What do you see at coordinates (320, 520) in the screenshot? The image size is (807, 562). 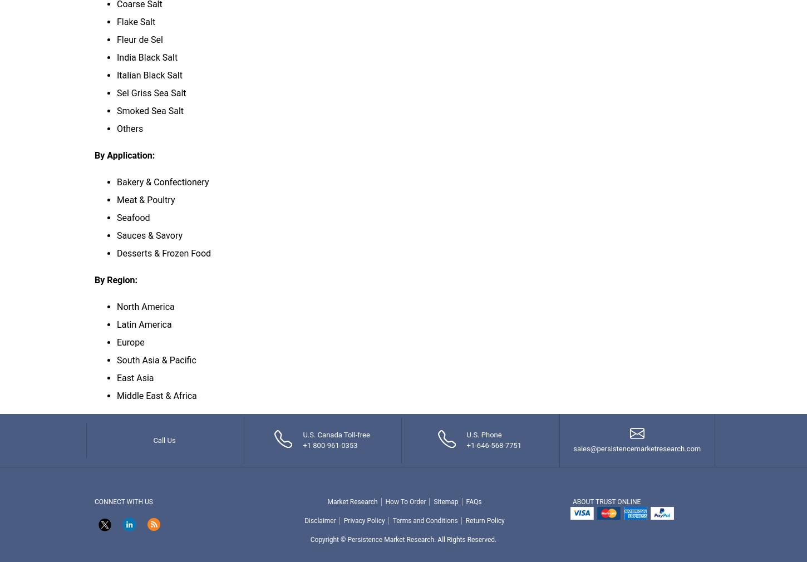 I see `'Disclaimer'` at bounding box center [320, 520].